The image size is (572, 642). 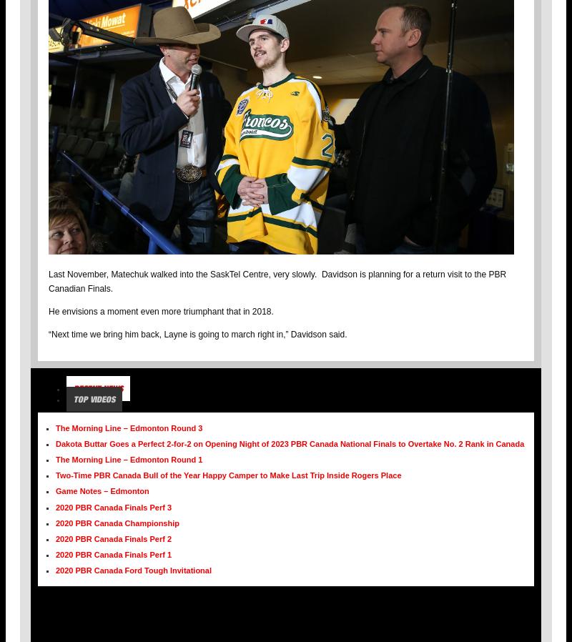 I want to click on 'He envisions a moment even more triumphant that in 2018.', so click(x=49, y=310).